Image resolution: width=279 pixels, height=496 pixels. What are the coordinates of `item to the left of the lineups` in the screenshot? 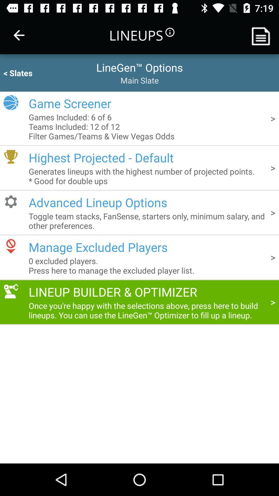 It's located at (19, 35).